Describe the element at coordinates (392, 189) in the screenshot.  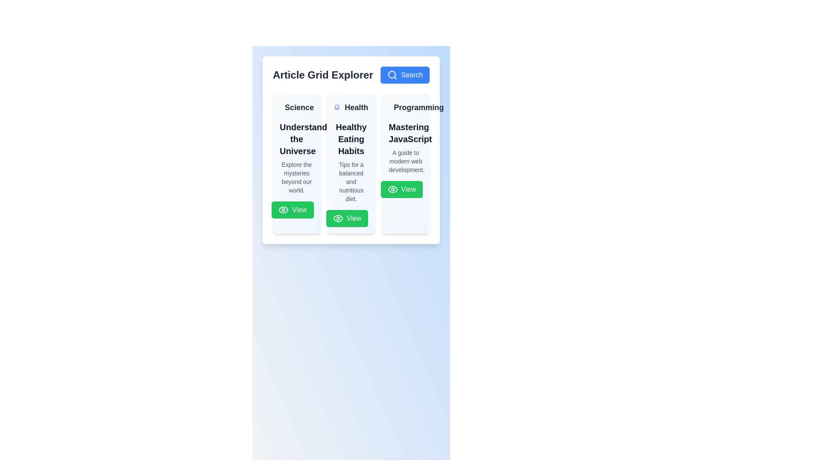
I see `the eye-shaped SVG icon within the green 'View' button in the 'Programming' section to potentially display additional information` at that location.